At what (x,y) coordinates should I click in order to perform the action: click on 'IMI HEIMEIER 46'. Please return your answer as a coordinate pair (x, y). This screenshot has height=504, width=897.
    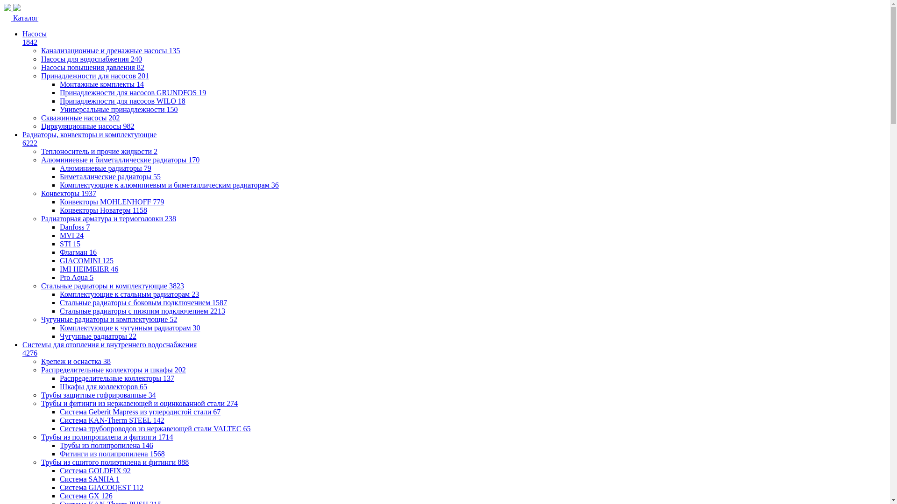
    Looking at the image, I should click on (89, 269).